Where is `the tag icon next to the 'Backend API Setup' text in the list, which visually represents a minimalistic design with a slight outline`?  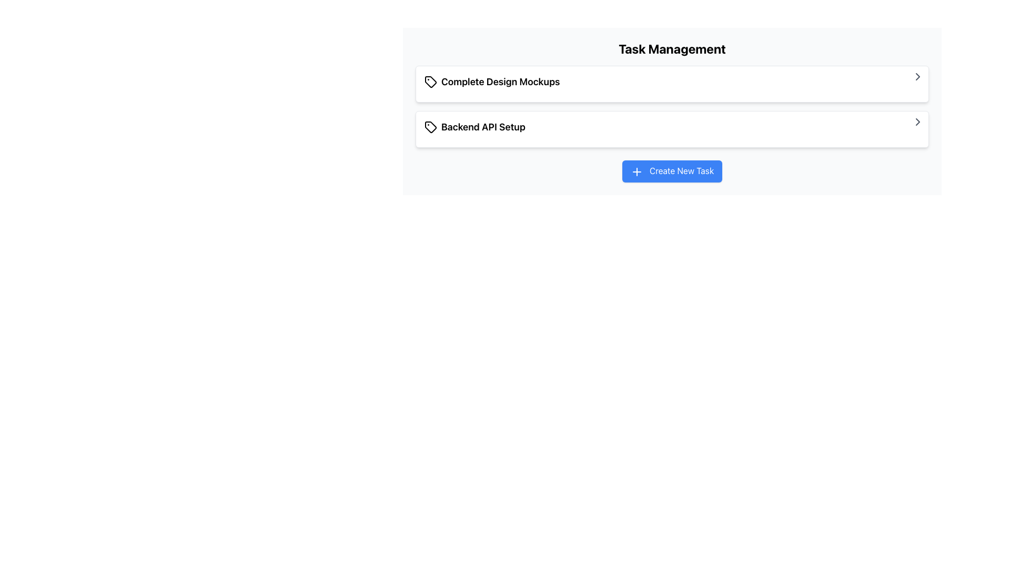 the tag icon next to the 'Backend API Setup' text in the list, which visually represents a minimalistic design with a slight outline is located at coordinates (431, 127).